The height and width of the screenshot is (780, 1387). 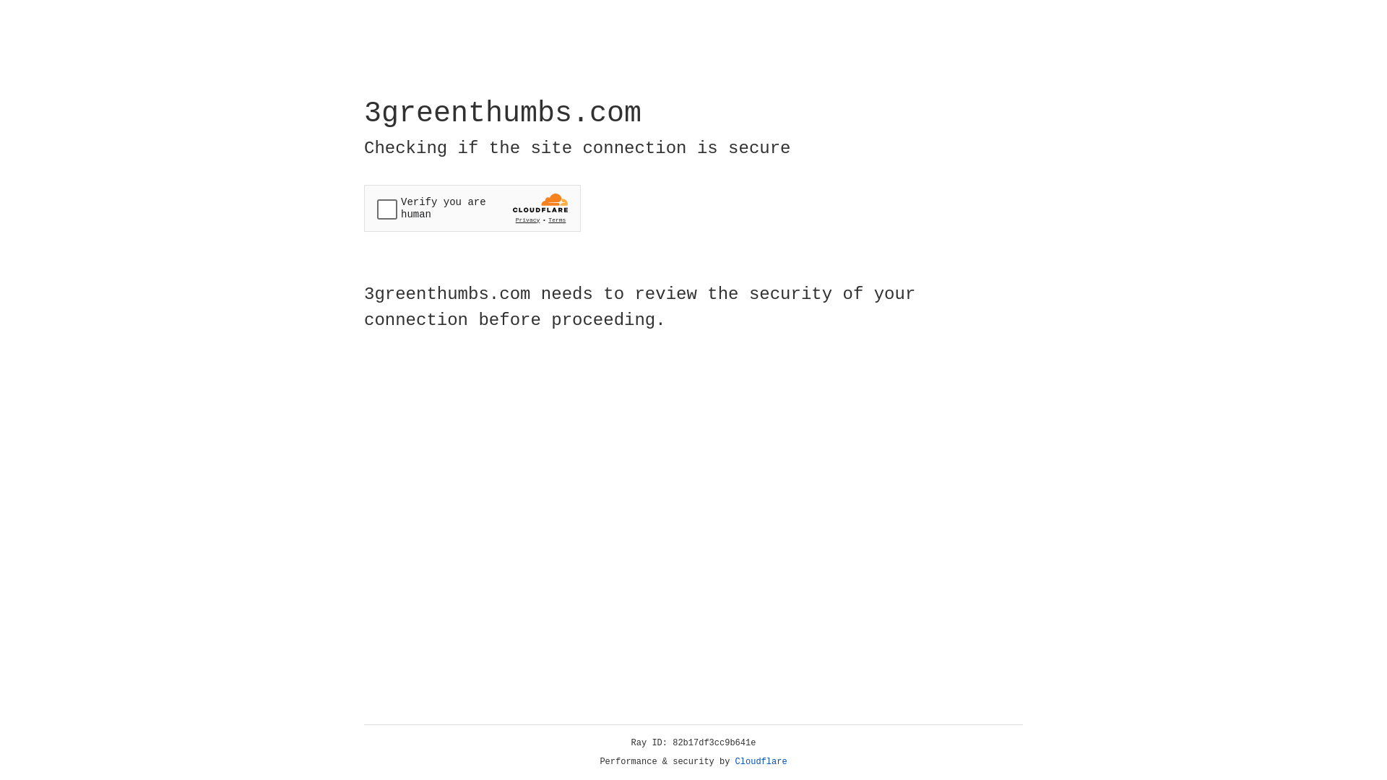 What do you see at coordinates (735, 761) in the screenshot?
I see `'Cloudflare'` at bounding box center [735, 761].